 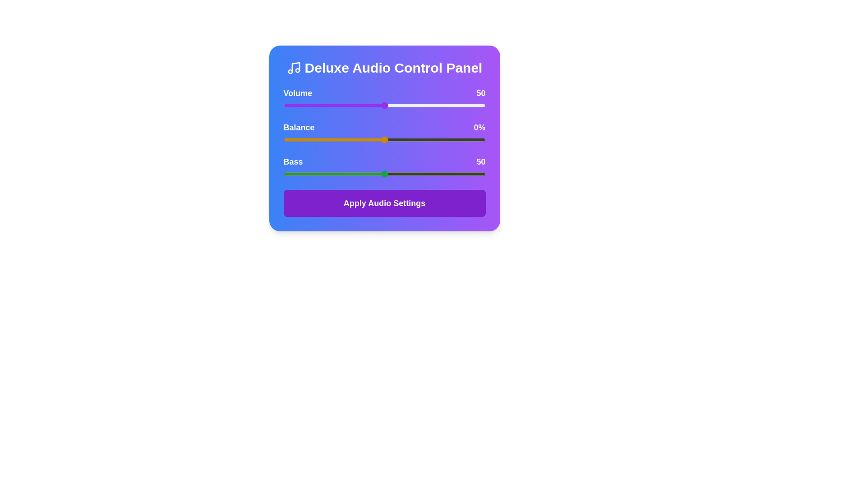 I want to click on the slider knob of the 'Balance 0%' control located in the 'Deluxe Audio Control Panel', so click(x=384, y=133).